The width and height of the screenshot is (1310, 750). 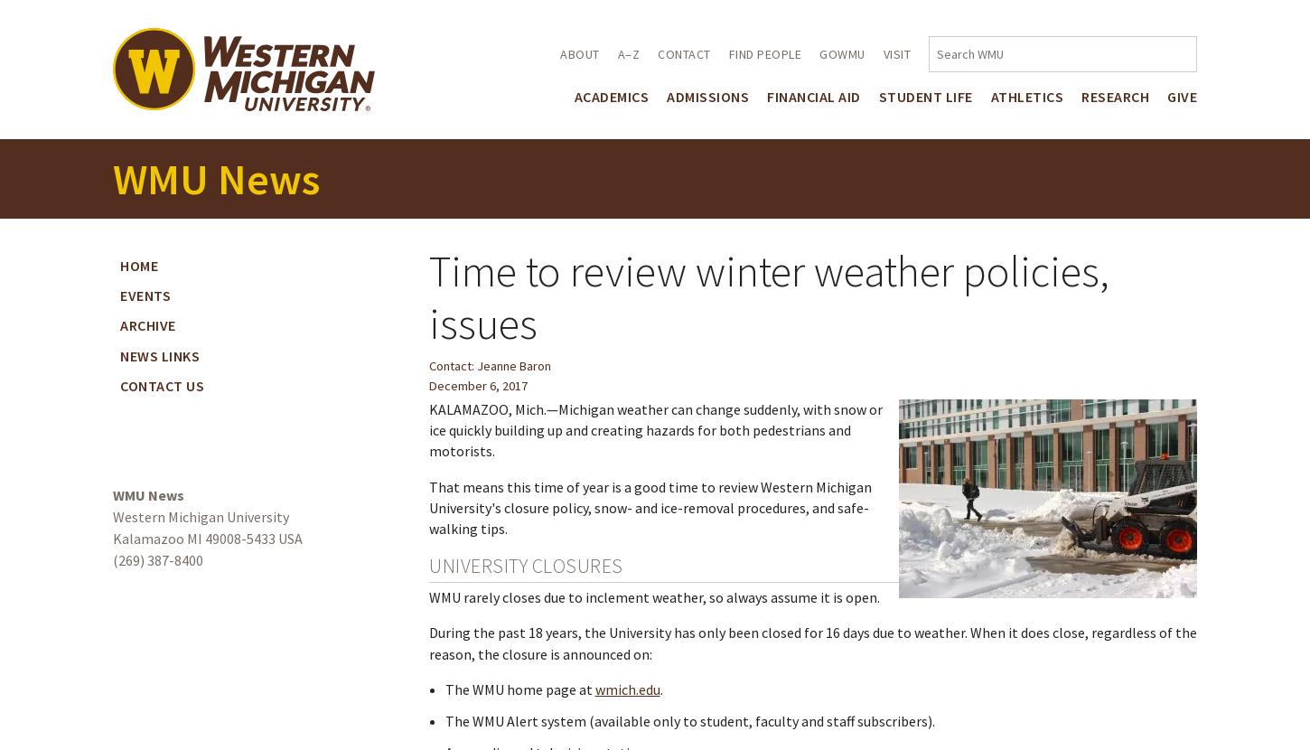 What do you see at coordinates (428, 564) in the screenshot?
I see `'University closures'` at bounding box center [428, 564].